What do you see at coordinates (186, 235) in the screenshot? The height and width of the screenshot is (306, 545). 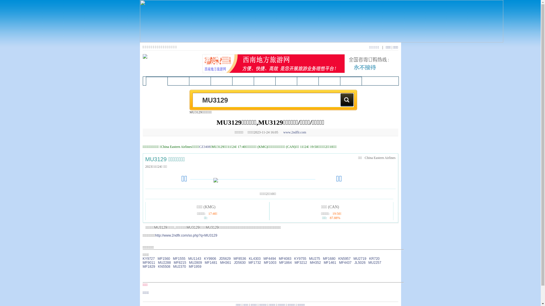 I see `'http://www.2ndflr.com/so.php?q=MU3129'` at bounding box center [186, 235].